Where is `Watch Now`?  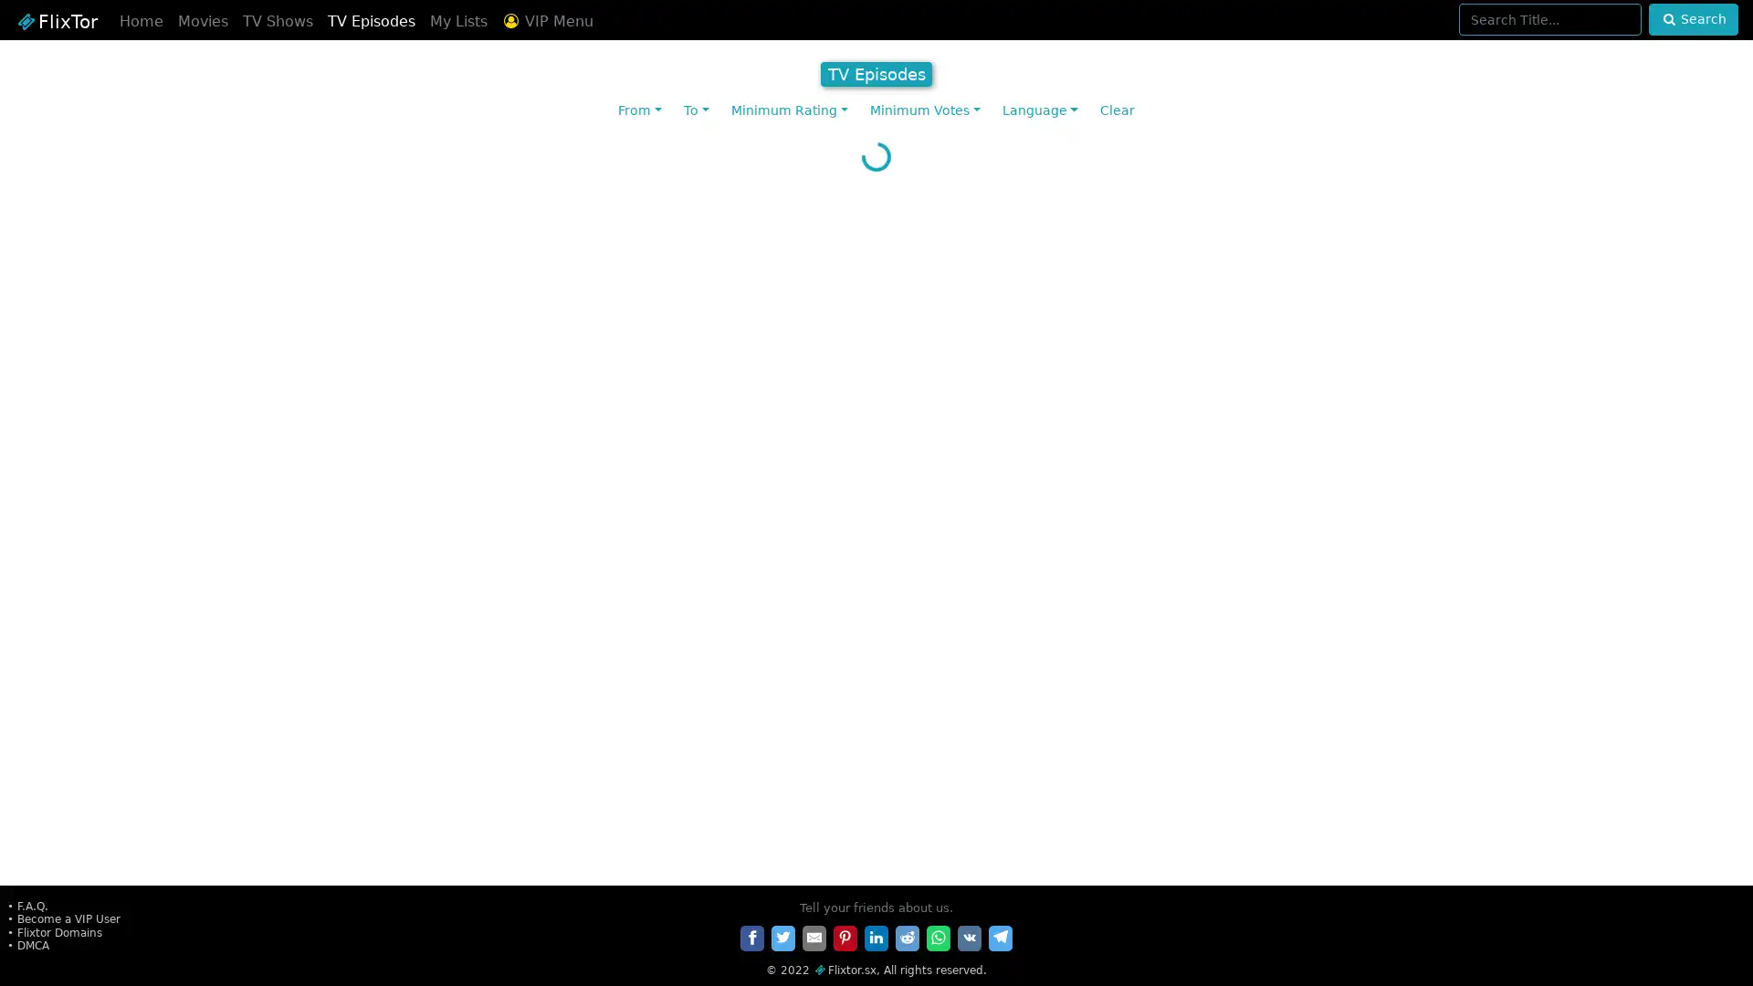
Watch Now is located at coordinates (1188, 400).